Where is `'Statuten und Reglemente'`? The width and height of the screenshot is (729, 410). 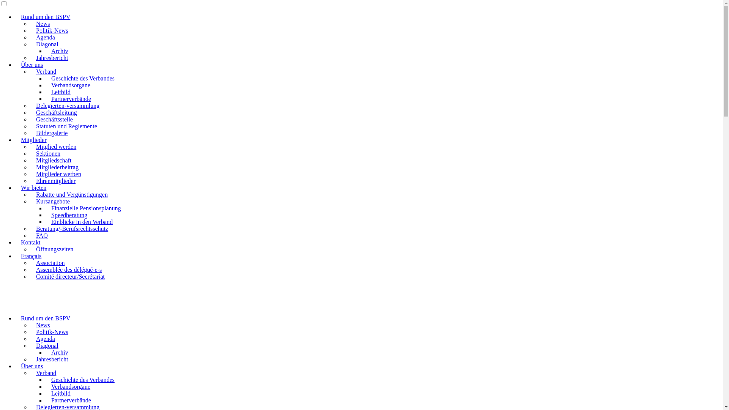
'Statuten und Reglemente' is located at coordinates (66, 126).